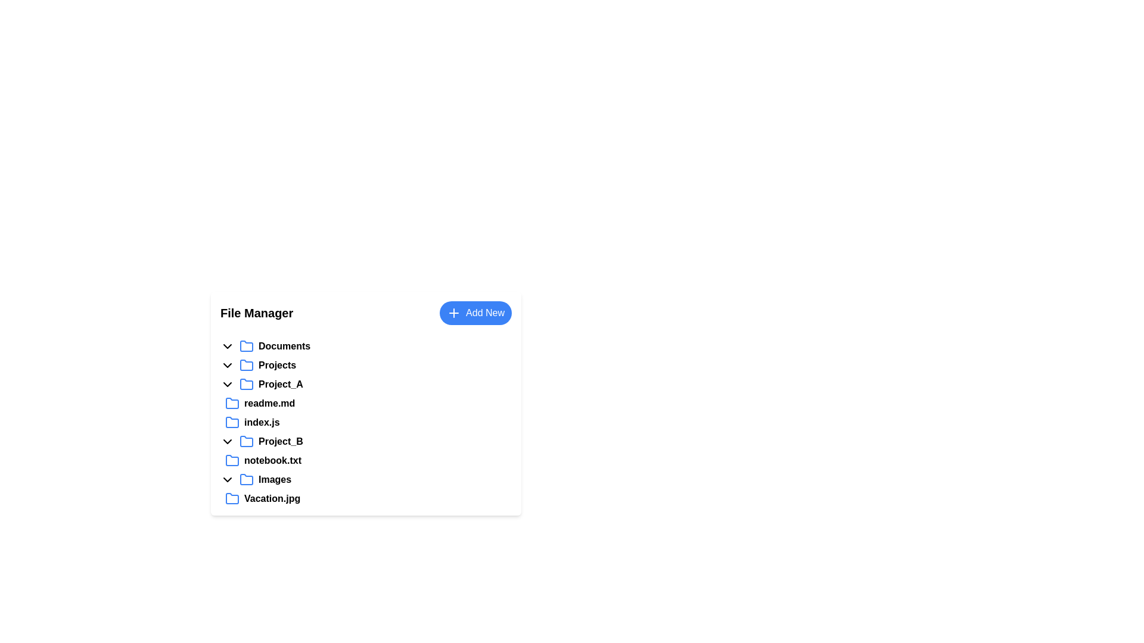 This screenshot has width=1144, height=643. I want to click on the 'Images' text label located under the 'Project_B' folder, so click(274, 479).